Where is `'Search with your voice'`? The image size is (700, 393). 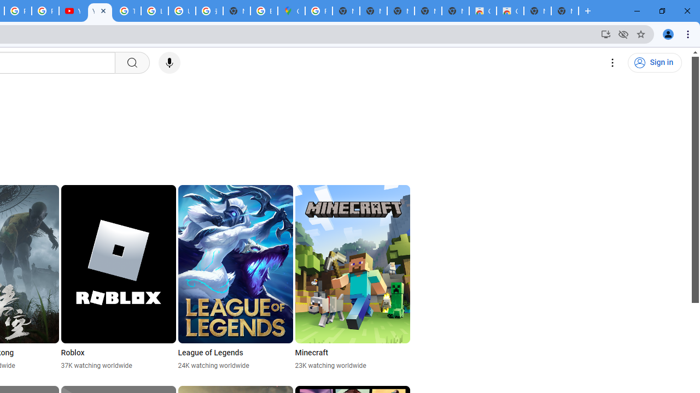
'Search with your voice' is located at coordinates (168, 63).